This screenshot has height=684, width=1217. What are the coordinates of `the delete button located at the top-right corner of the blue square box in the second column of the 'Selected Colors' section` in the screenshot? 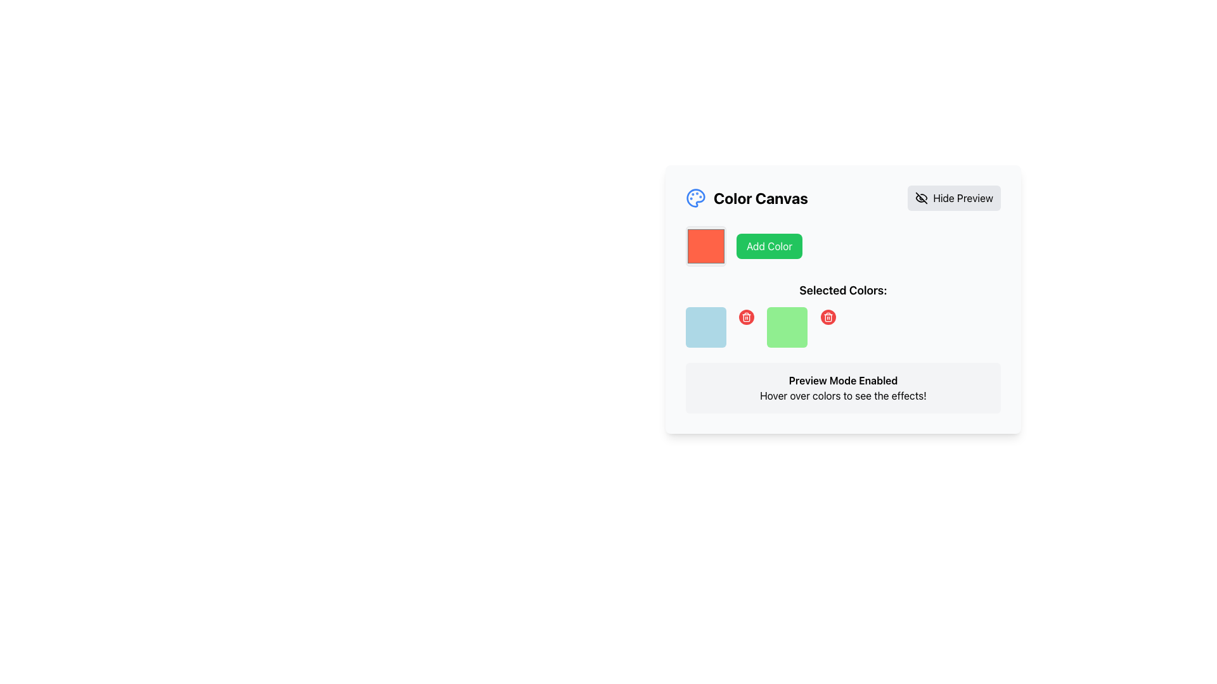 It's located at (747, 317).